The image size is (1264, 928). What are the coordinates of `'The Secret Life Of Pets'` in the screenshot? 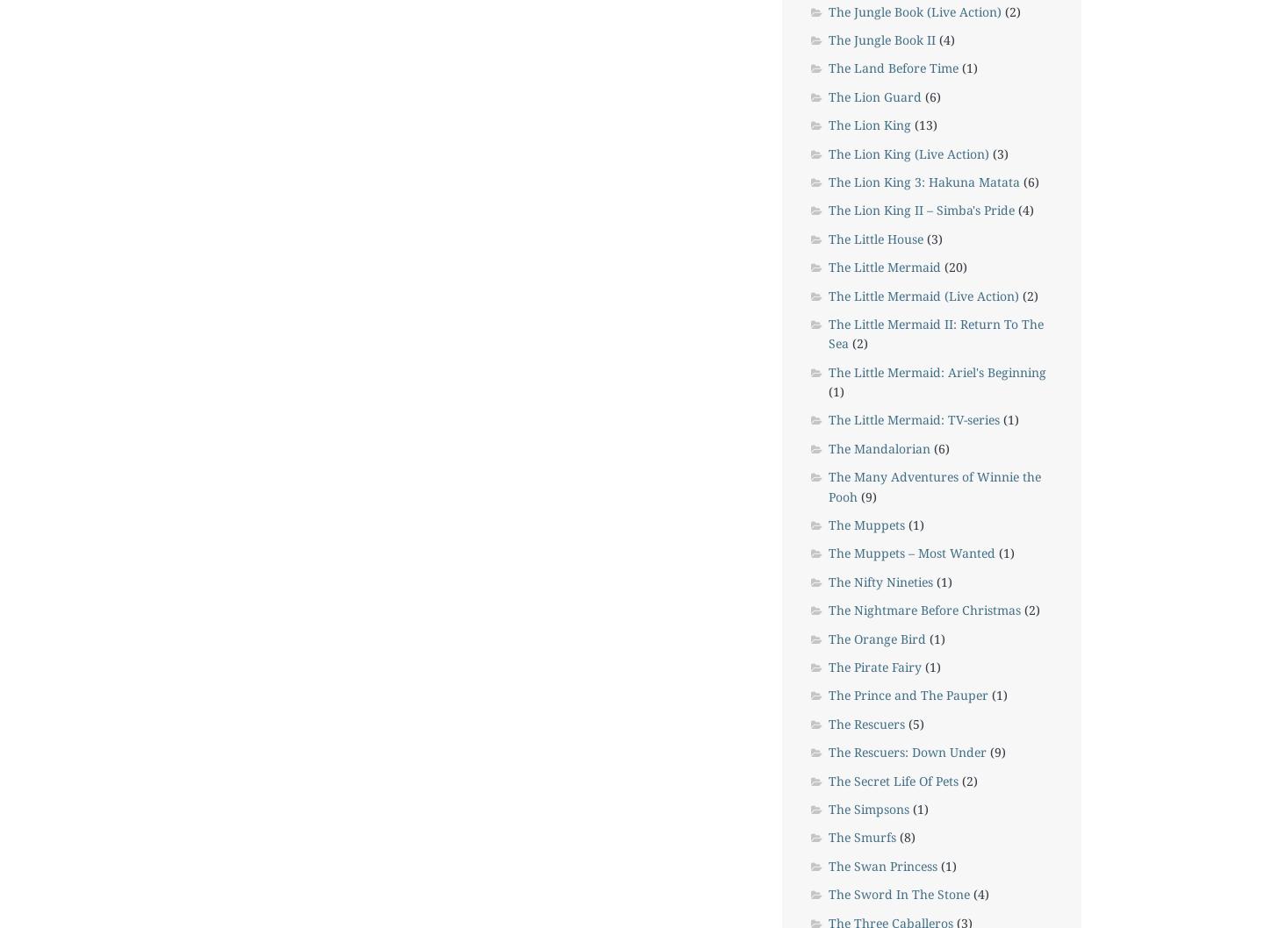 It's located at (892, 780).